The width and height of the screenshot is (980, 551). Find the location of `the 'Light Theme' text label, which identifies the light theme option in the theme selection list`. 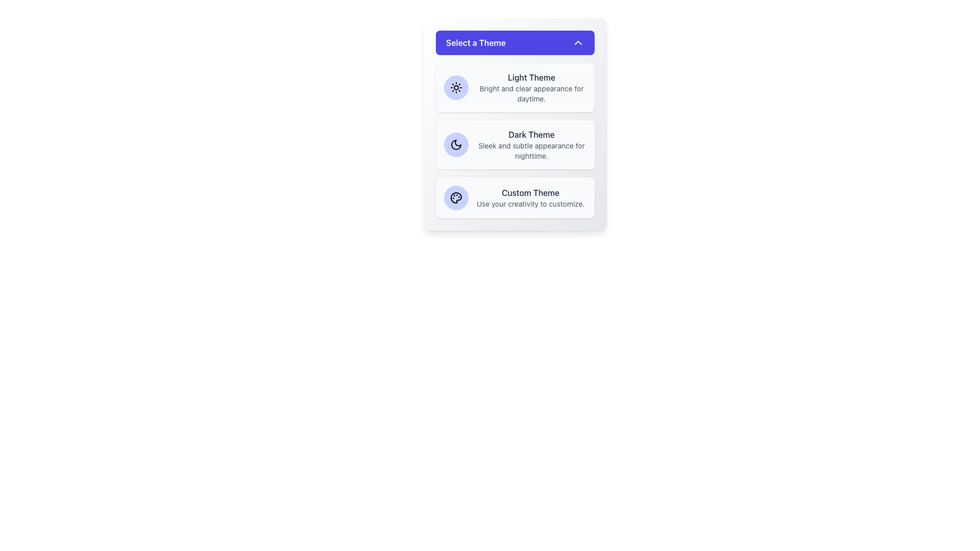

the 'Light Theme' text label, which identifies the light theme option in the theme selection list is located at coordinates (531, 77).